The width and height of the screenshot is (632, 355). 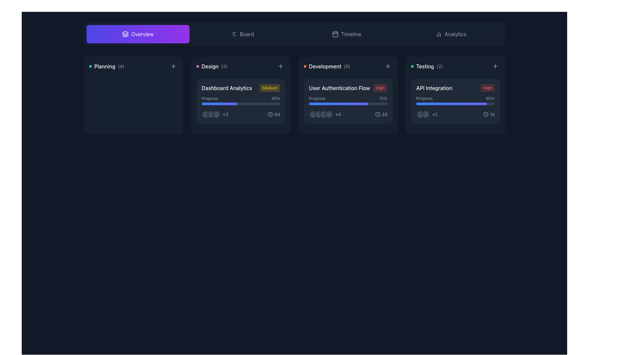 I want to click on the 'Timeline' navigation button located, so click(x=346, y=34).